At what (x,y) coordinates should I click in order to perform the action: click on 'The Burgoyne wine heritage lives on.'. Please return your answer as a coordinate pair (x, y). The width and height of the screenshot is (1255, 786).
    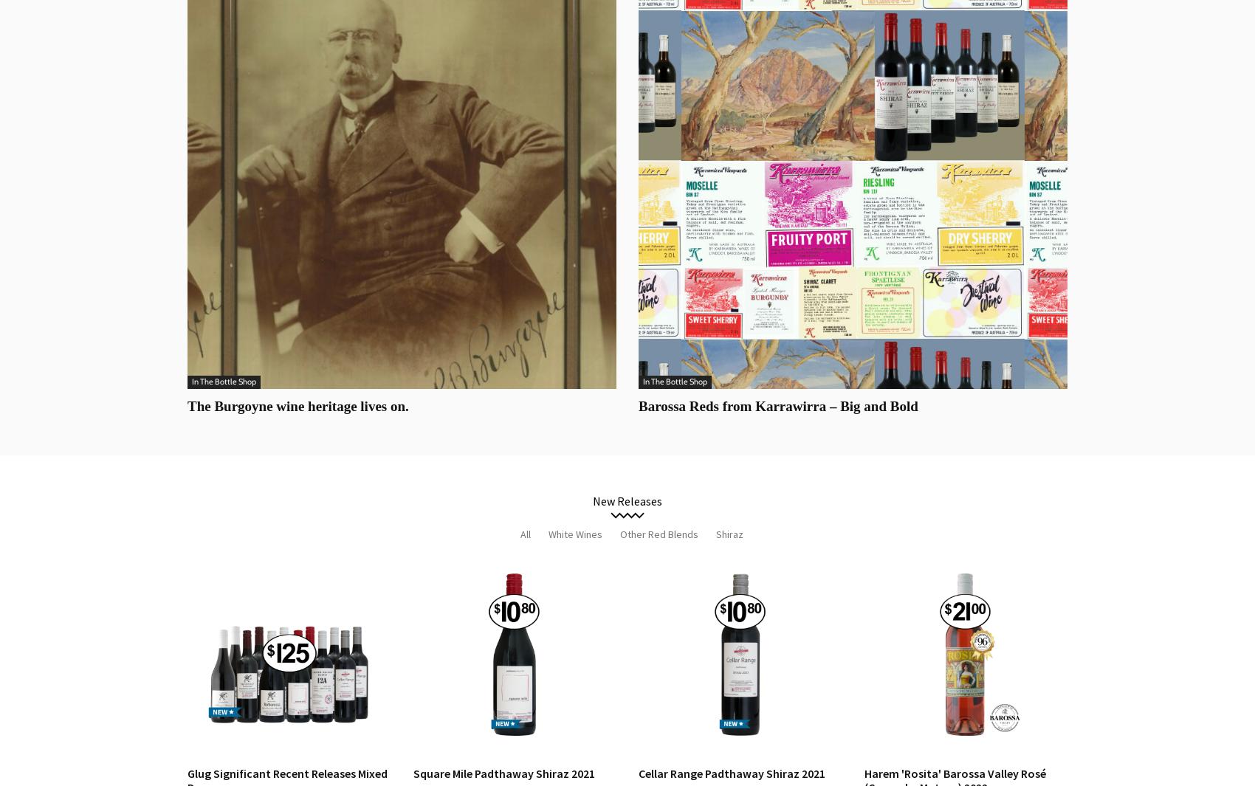
    Looking at the image, I should click on (297, 406).